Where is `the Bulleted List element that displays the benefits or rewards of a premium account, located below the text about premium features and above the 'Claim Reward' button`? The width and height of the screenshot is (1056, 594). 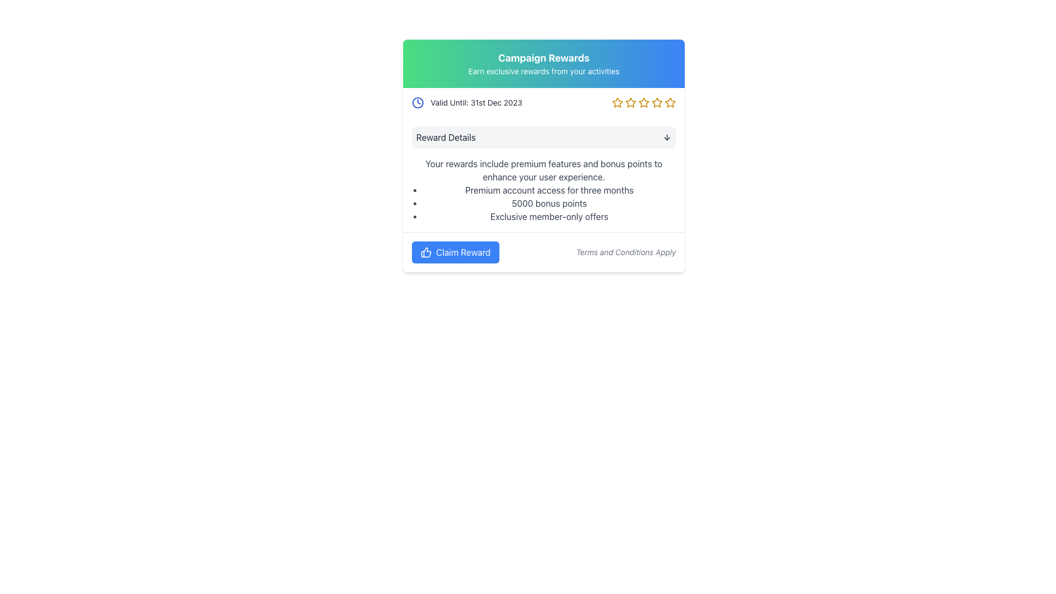 the Bulleted List element that displays the benefits or rewards of a premium account, located below the text about premium features and above the 'Claim Reward' button is located at coordinates (543, 204).